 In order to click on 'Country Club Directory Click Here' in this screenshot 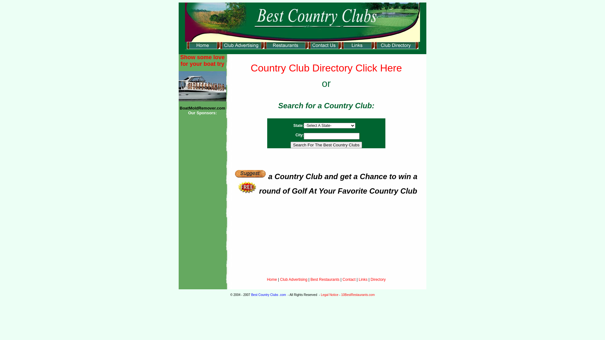, I will do `click(326, 68)`.